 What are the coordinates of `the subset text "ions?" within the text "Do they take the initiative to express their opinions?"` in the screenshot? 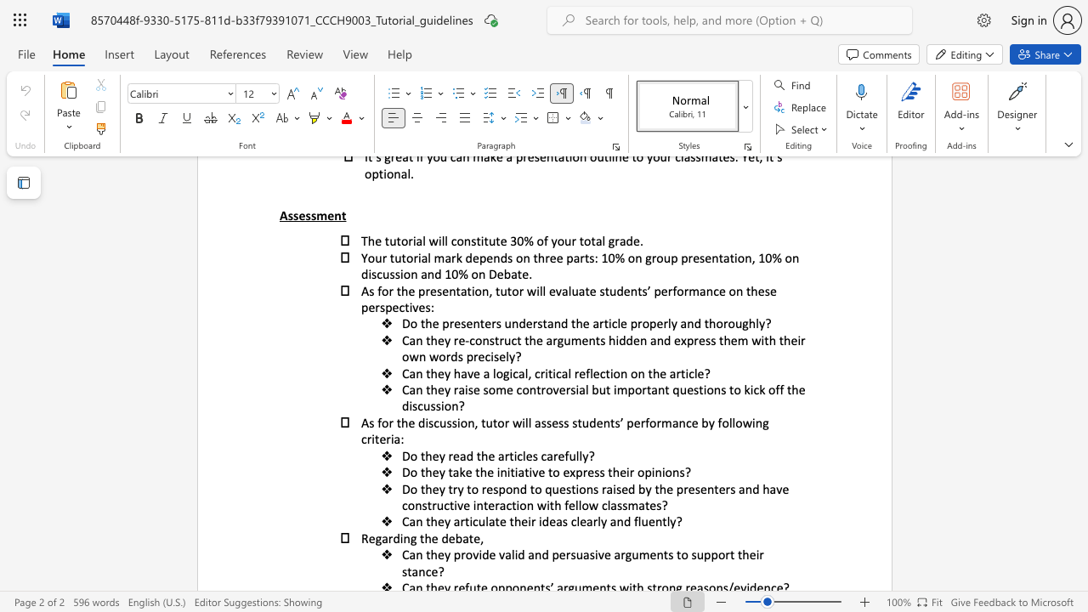 It's located at (660, 472).